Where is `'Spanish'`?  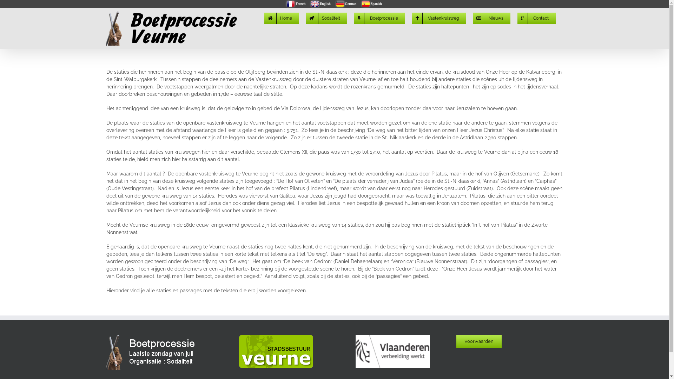 'Spanish' is located at coordinates (371, 4).